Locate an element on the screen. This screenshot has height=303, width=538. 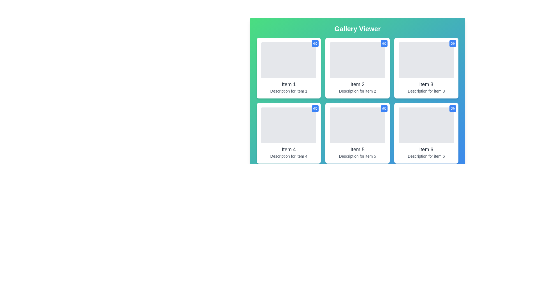
the blue rounded rectangular button with a white eye icon located in the upper-right corner of the card labeled 'Item 1' is located at coordinates (315, 43).